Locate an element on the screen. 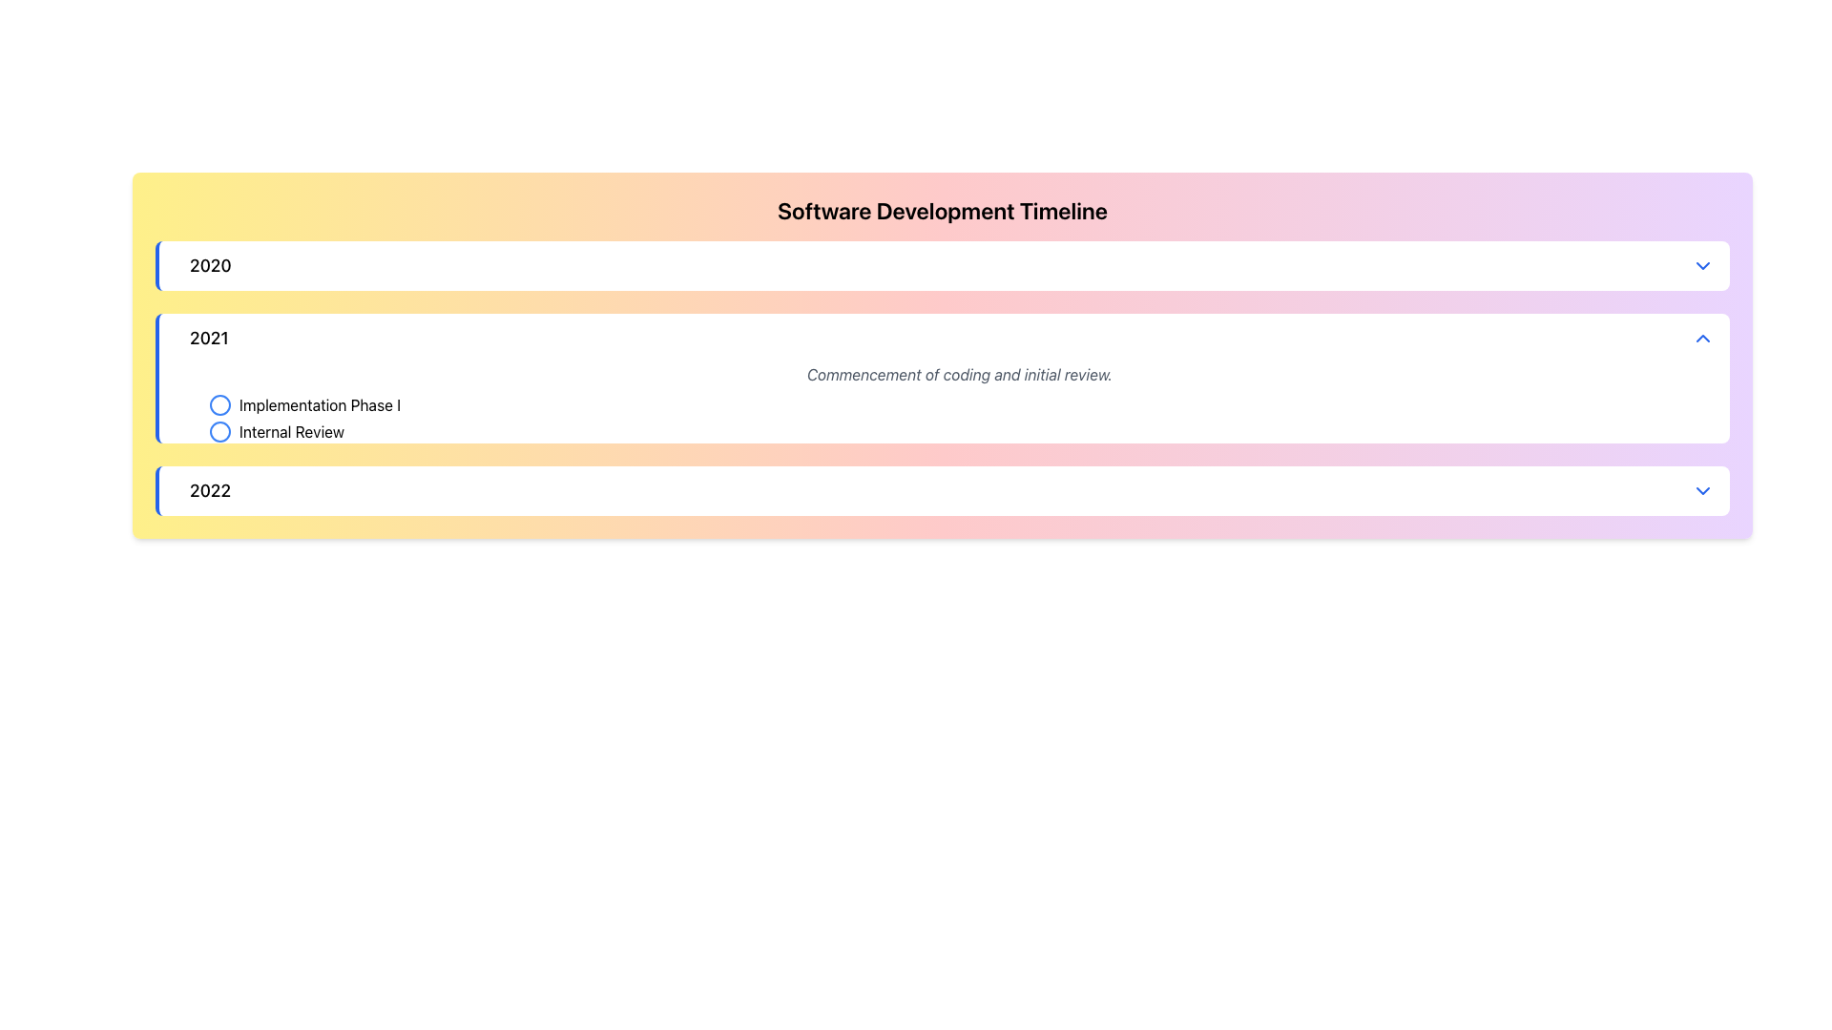  the bold, enlarged text heading that says 'Software Development Timeline', located at the top-center of a pastel gradient background block is located at coordinates (943, 210).